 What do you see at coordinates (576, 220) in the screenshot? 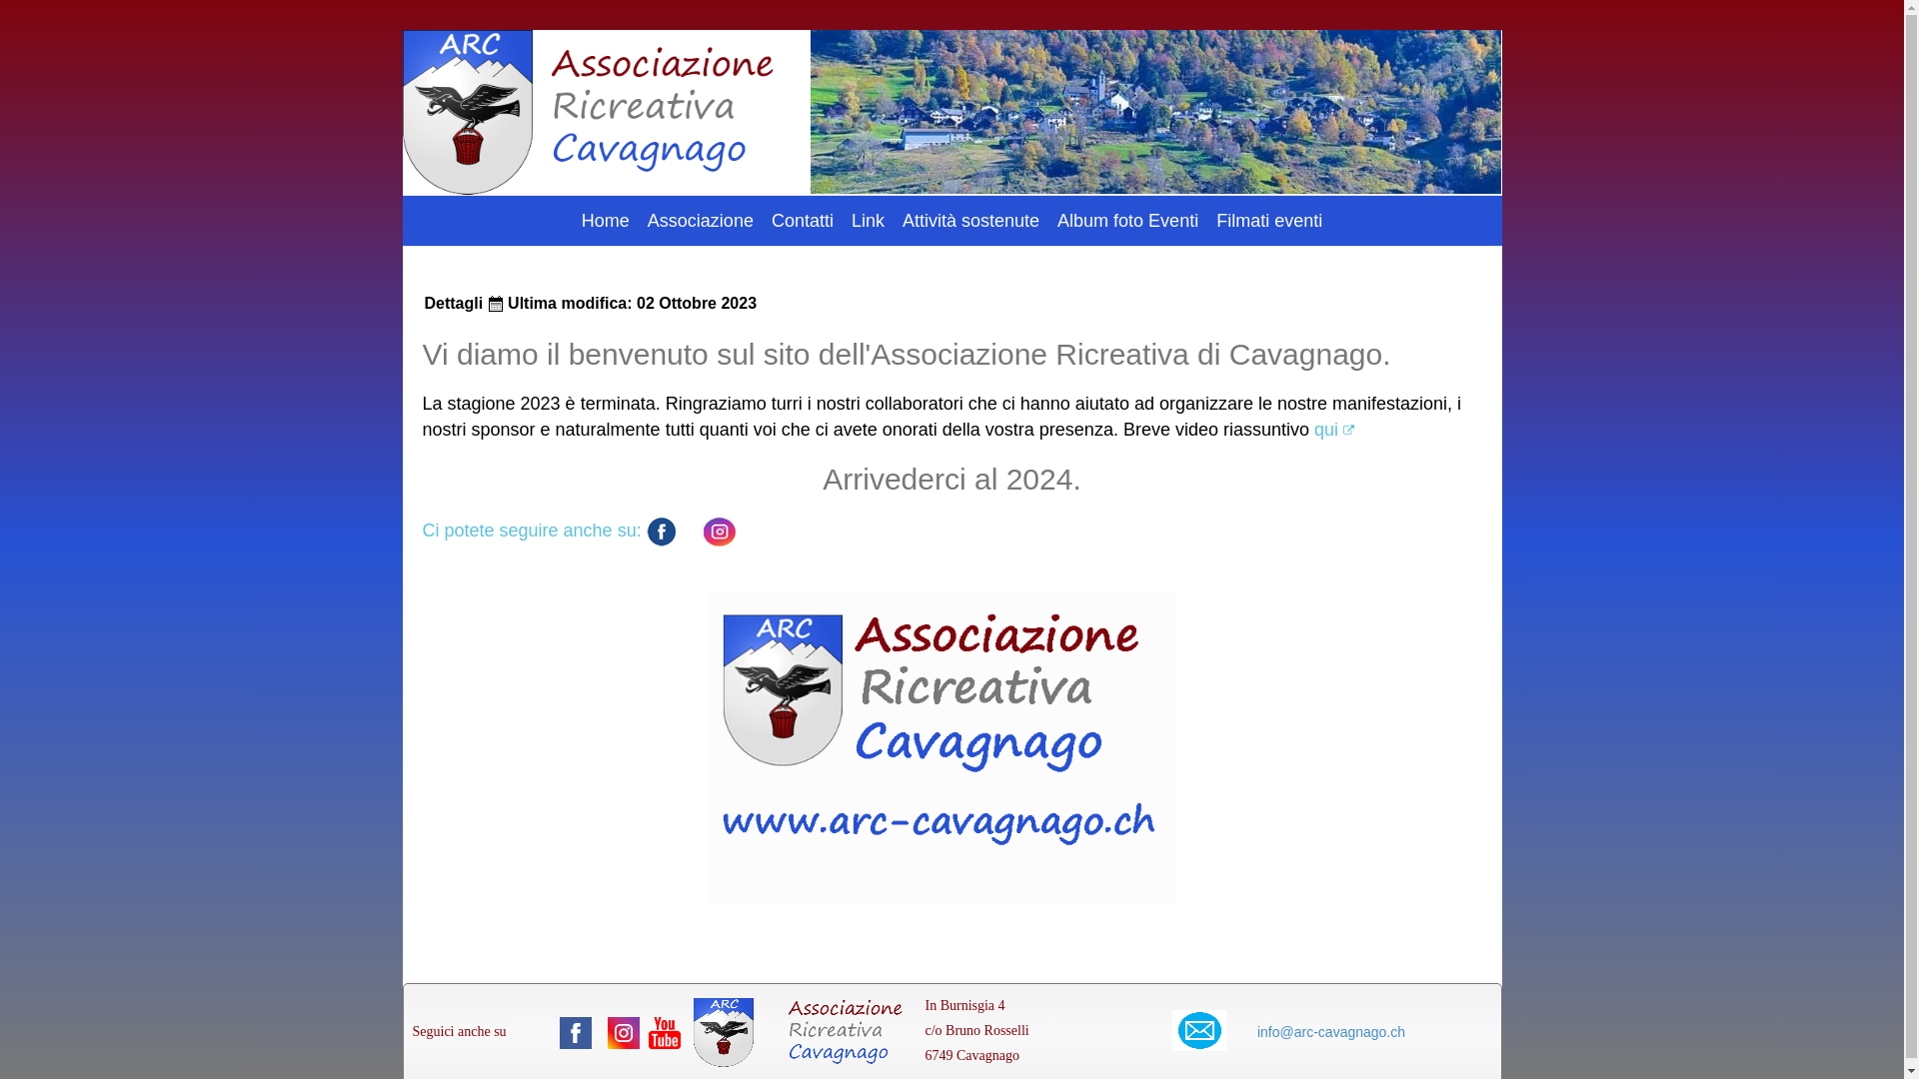
I see `'Home'` at bounding box center [576, 220].